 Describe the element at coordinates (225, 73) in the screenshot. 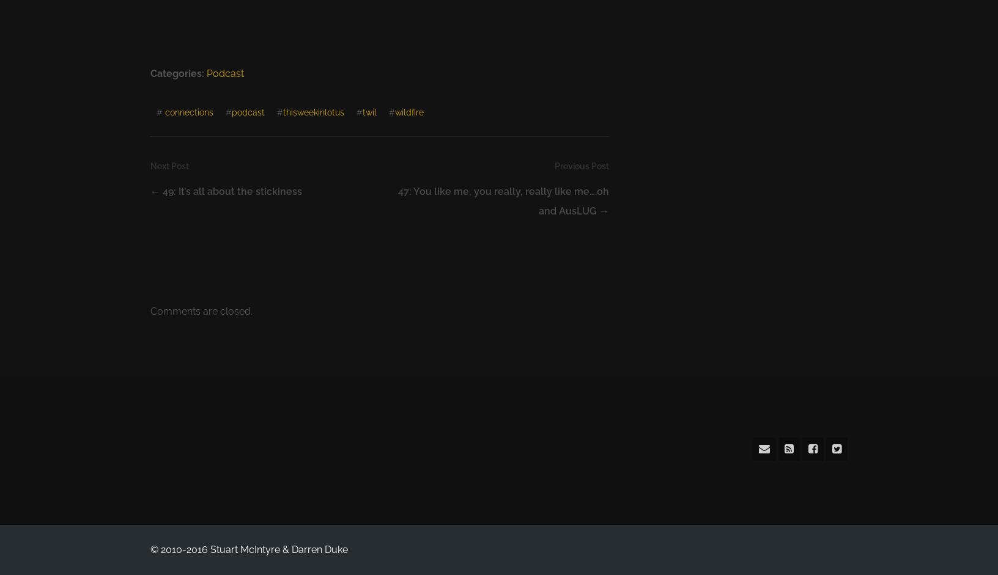

I see `'Podcast'` at that location.